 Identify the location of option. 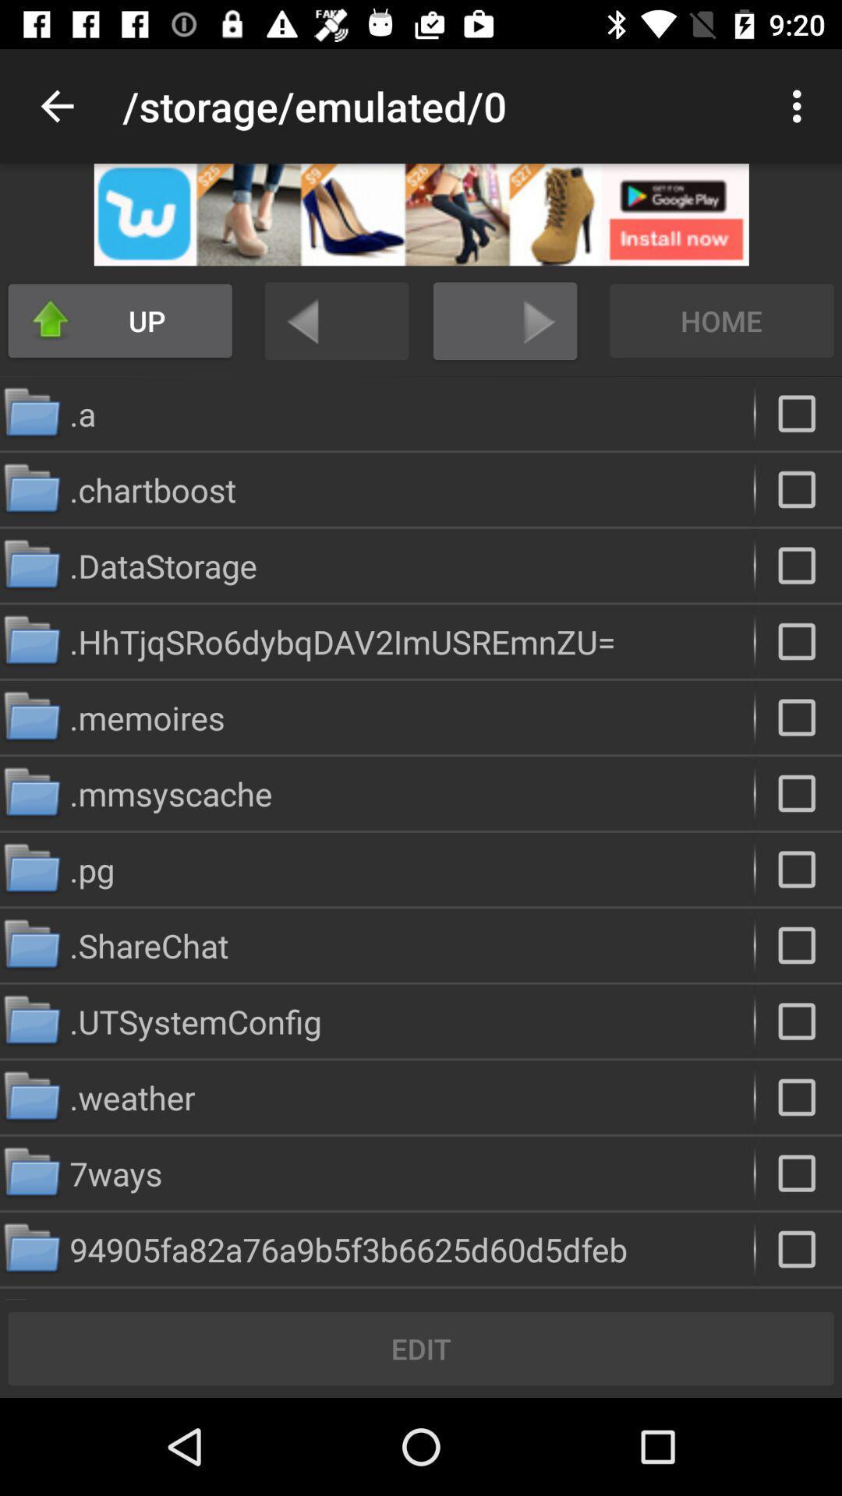
(798, 793).